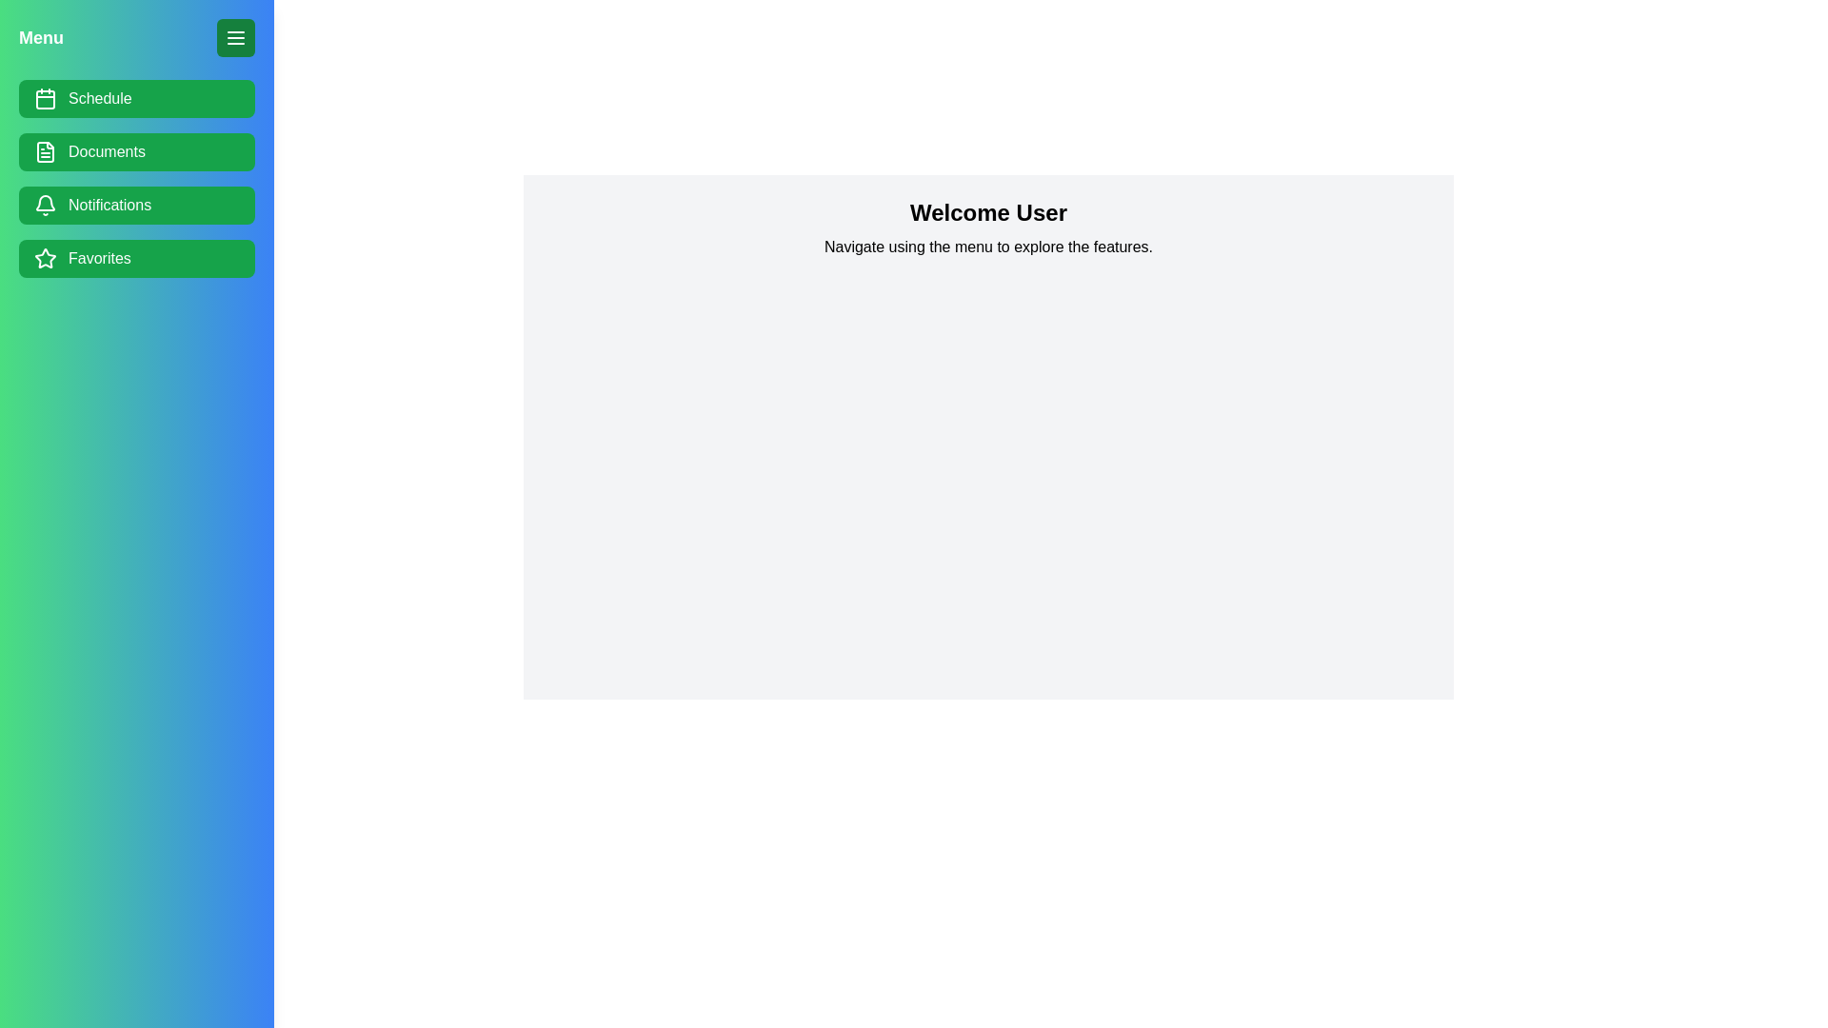 The height and width of the screenshot is (1028, 1828). Describe the element at coordinates (136, 206) in the screenshot. I see `the menu item Notifications in the drawer` at that location.